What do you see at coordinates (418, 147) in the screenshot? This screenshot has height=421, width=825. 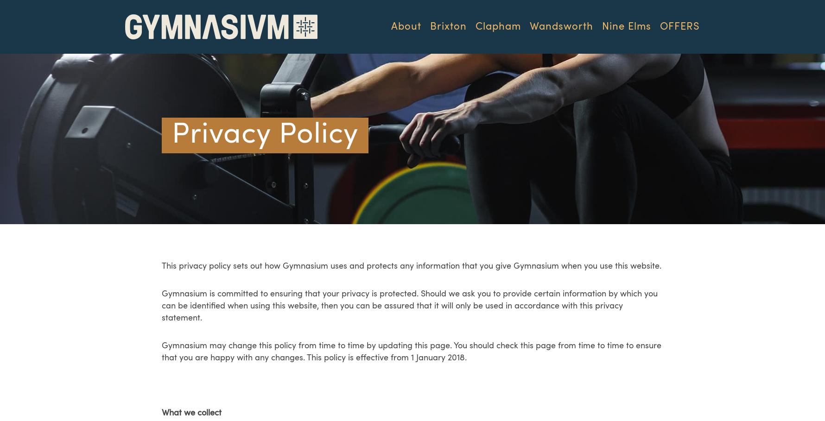 I see `'B-Corp'` at bounding box center [418, 147].